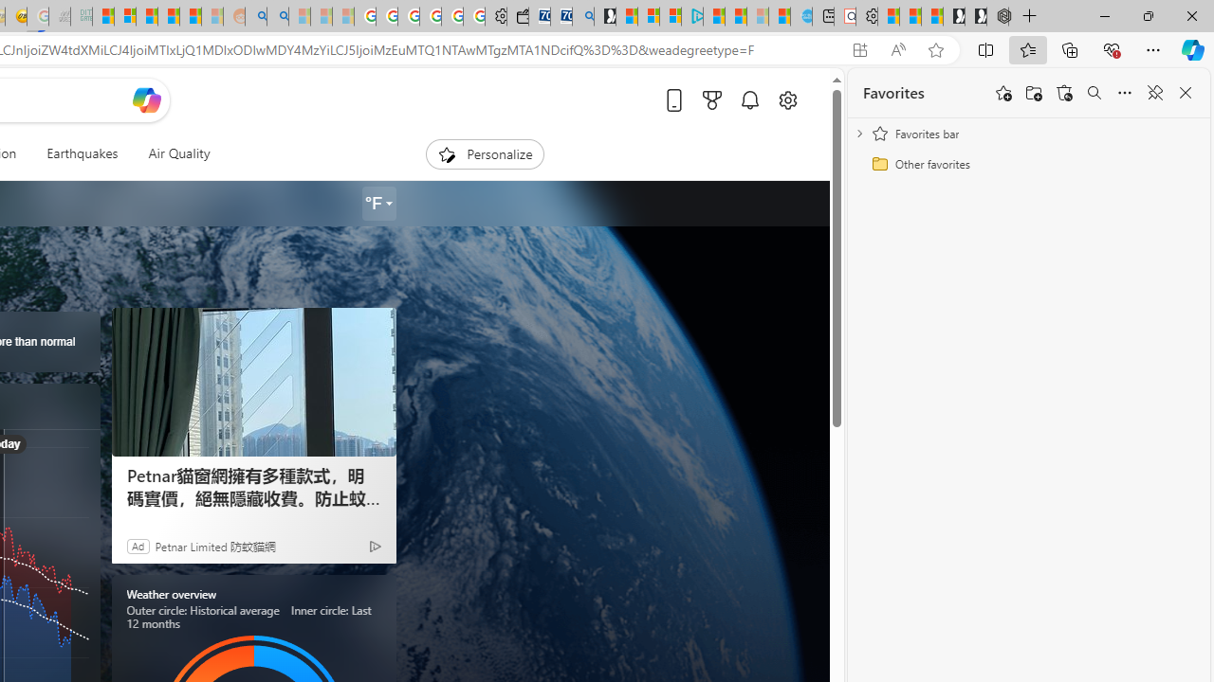 This screenshot has height=682, width=1214. Describe the element at coordinates (858, 49) in the screenshot. I see `'App available. Install Microsoft Start Weather'` at that location.